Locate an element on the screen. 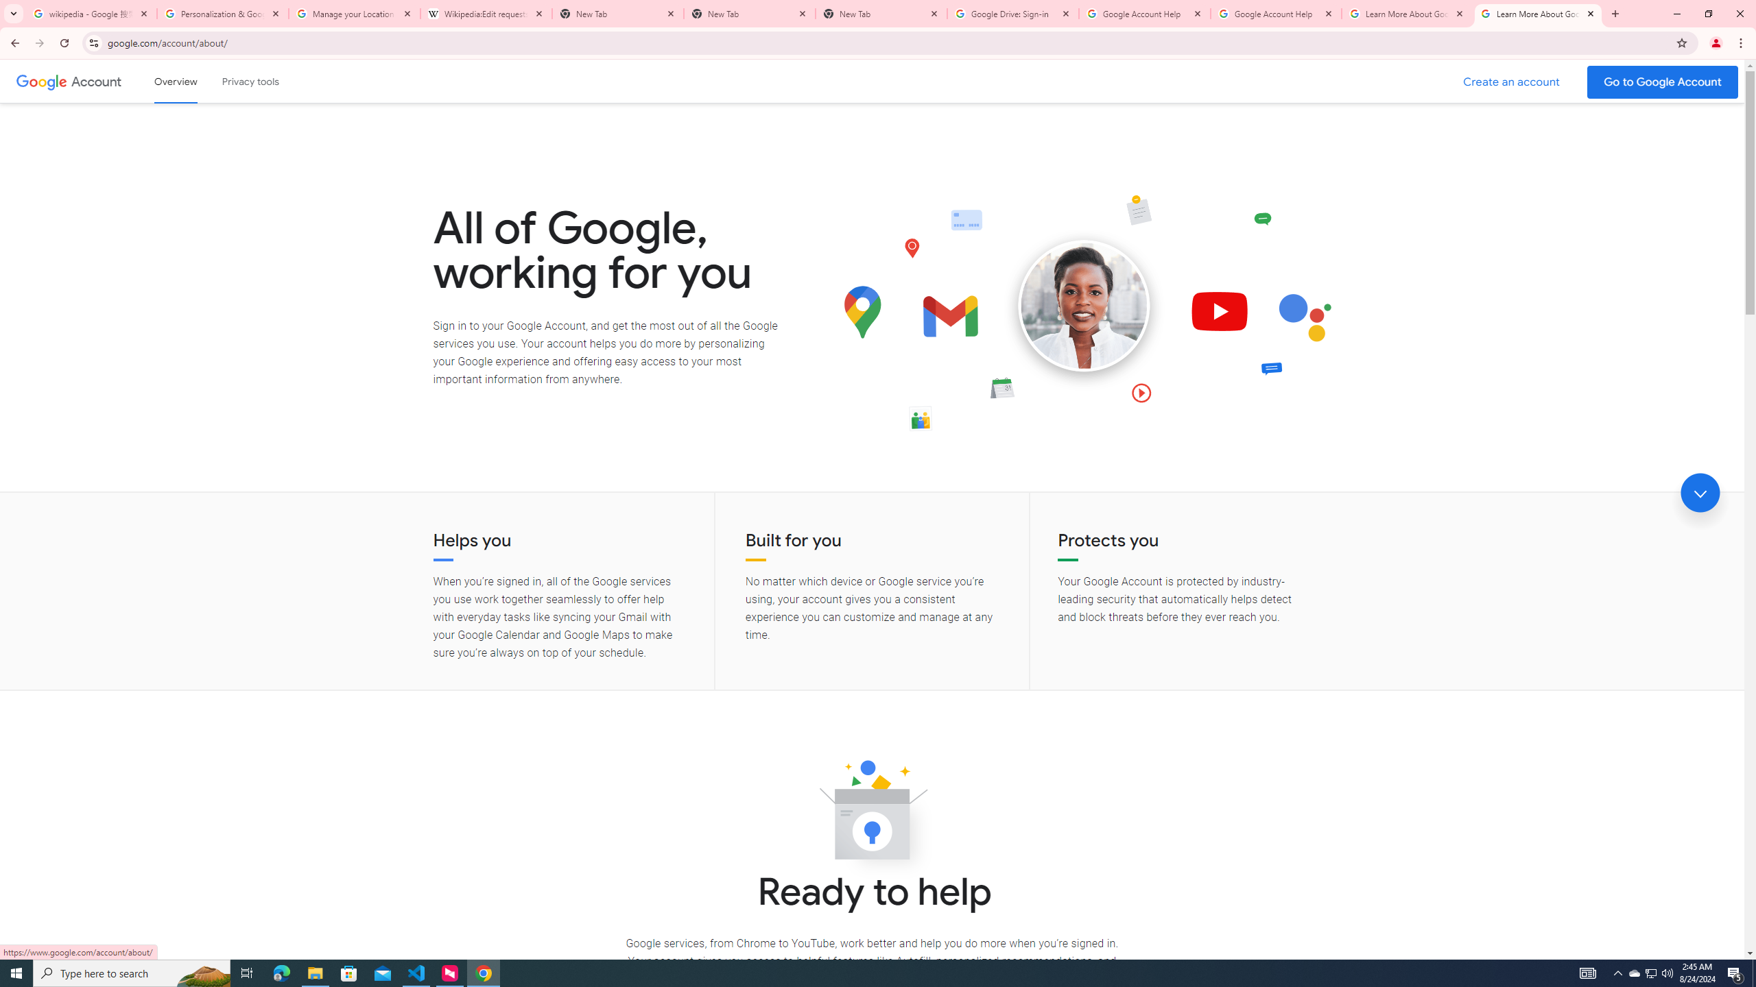 The image size is (1756, 987). 'Personalization & Google Search results - Google Search Help' is located at coordinates (223, 13).